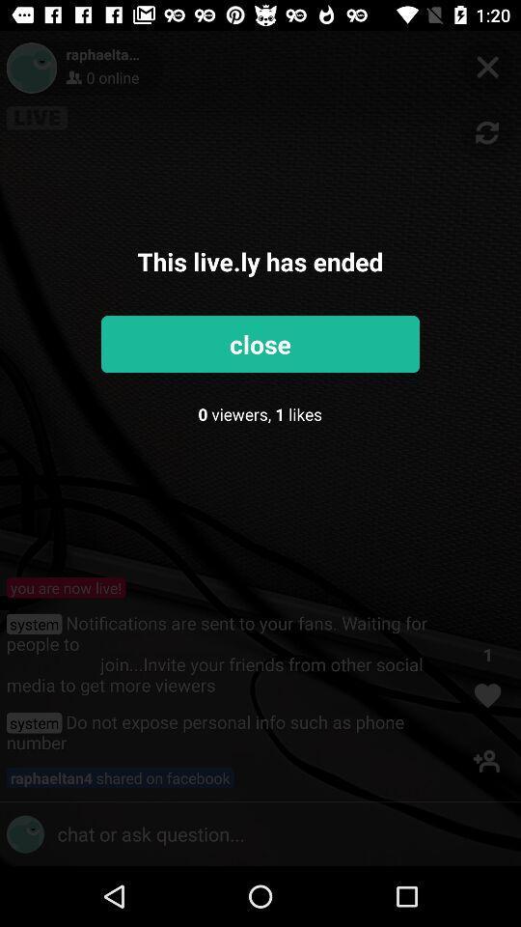 The image size is (521, 927). What do you see at coordinates (486, 67) in the screenshot?
I see `the close icon` at bounding box center [486, 67].